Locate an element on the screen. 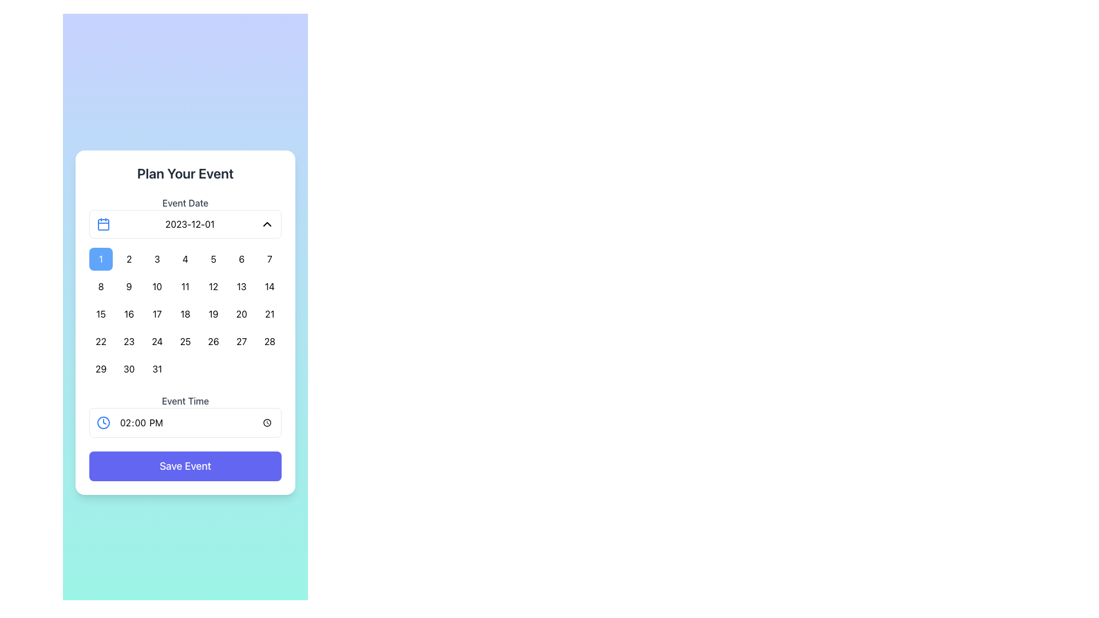 The width and height of the screenshot is (1099, 618). the interactive day selector button located in the fourth row and seventh column of the calendar grid is located at coordinates (269, 341).